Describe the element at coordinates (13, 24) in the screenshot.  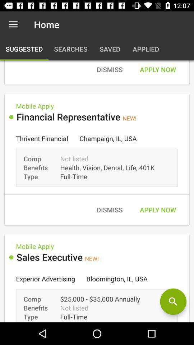
I see `the icon to the left of the home icon` at that location.